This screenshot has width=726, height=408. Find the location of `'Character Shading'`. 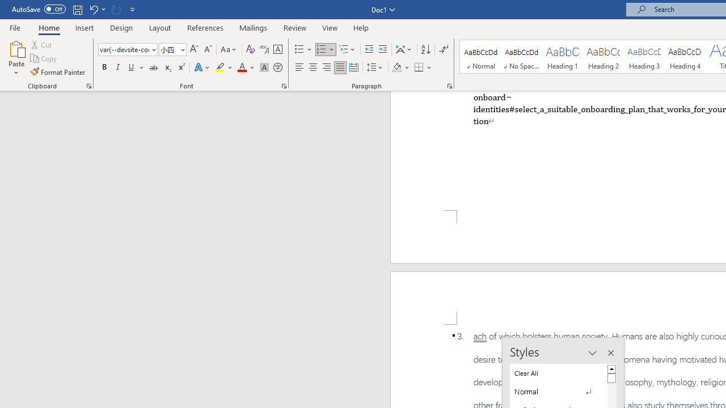

'Character Shading' is located at coordinates (263, 67).